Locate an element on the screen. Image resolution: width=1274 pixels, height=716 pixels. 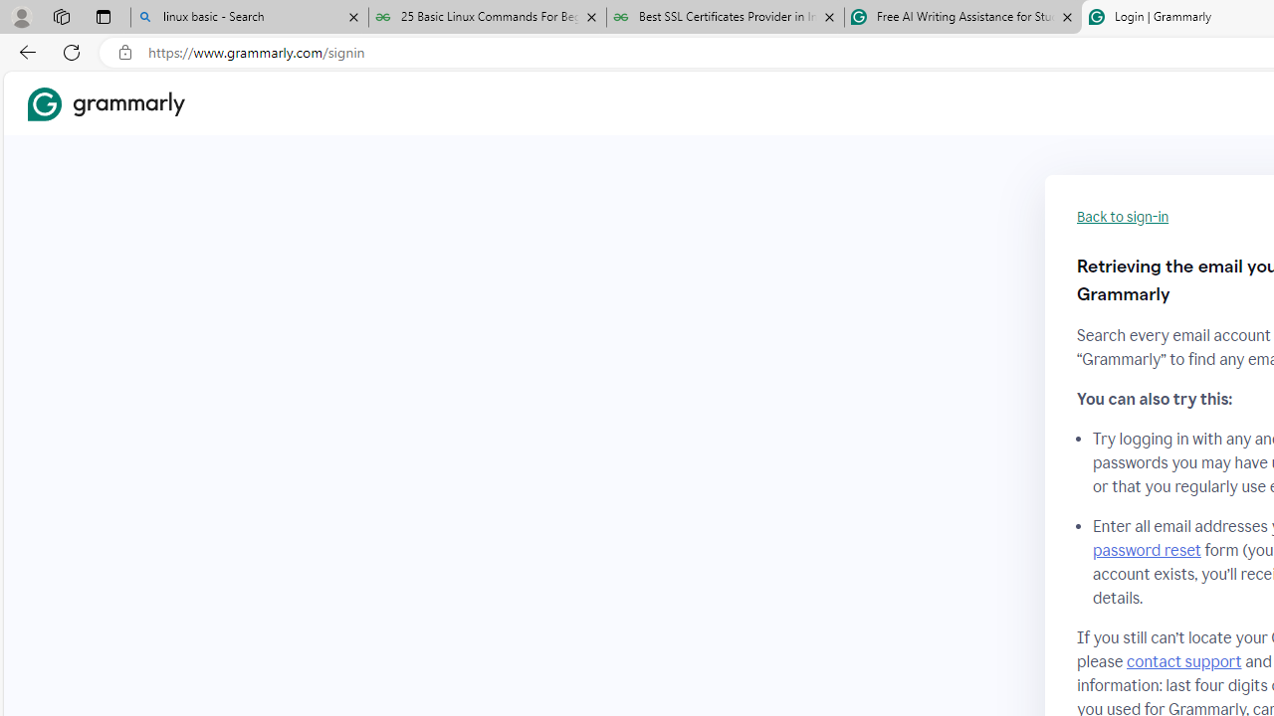
'Back to sign-in' is located at coordinates (1123, 217).